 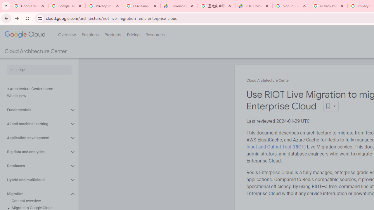 I want to click on 'Currencies - Google Finance', so click(x=179, y=6).